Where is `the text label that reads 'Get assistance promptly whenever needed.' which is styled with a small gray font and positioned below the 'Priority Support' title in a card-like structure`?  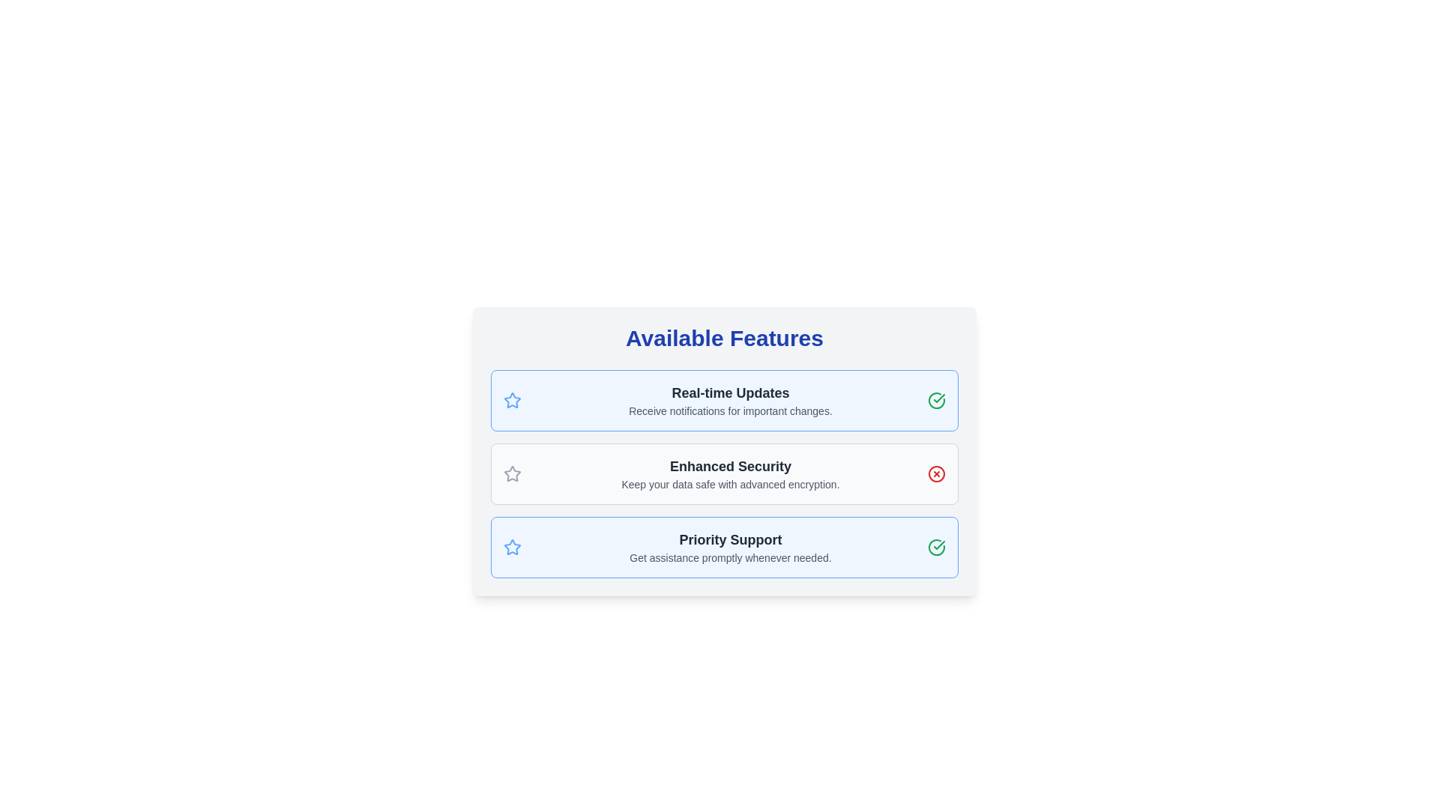 the text label that reads 'Get assistance promptly whenever needed.' which is styled with a small gray font and positioned below the 'Priority Support' title in a card-like structure is located at coordinates (730, 557).